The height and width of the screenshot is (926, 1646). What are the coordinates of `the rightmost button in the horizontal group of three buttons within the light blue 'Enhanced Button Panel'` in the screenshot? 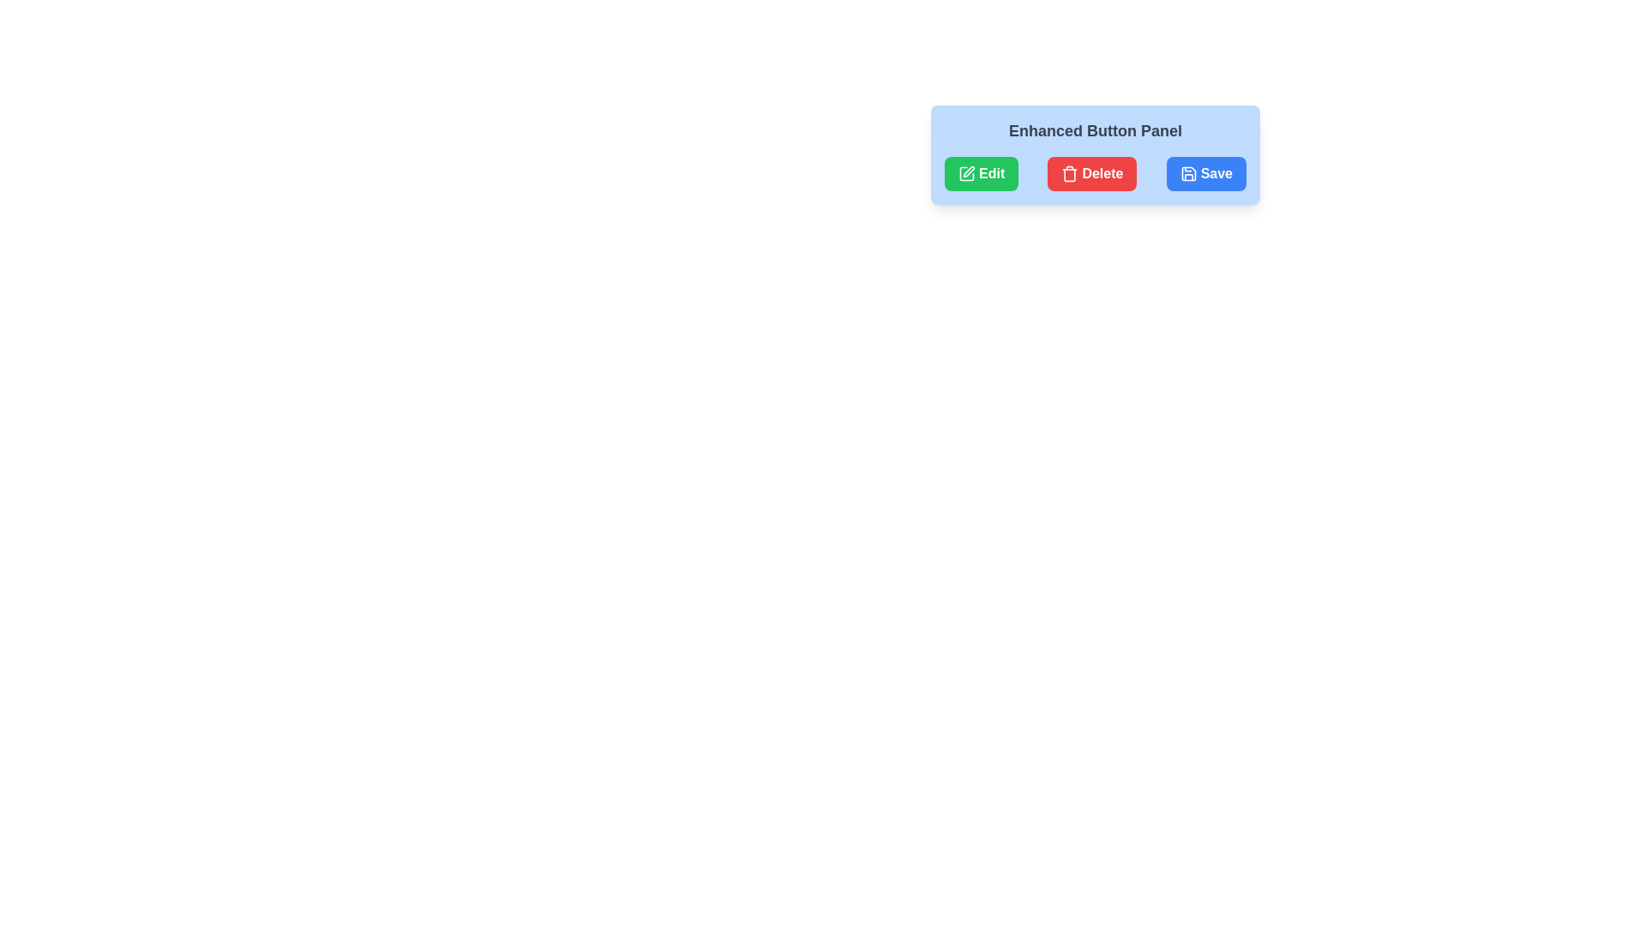 It's located at (1205, 174).